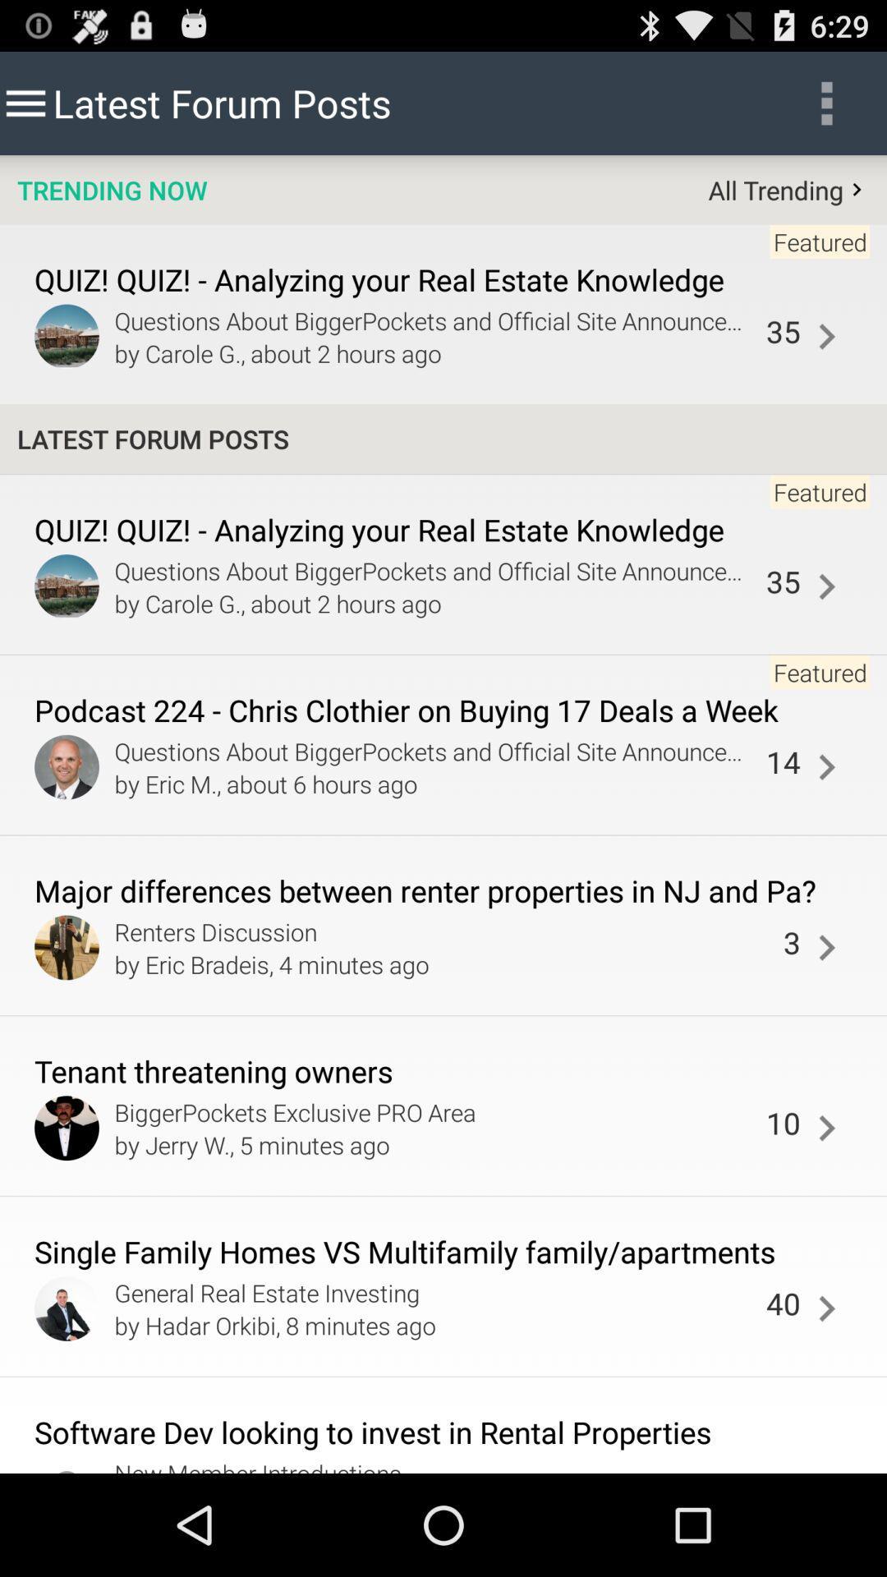 Image resolution: width=887 pixels, height=1577 pixels. What do you see at coordinates (826, 586) in the screenshot?
I see `the app below the quiz quiz analyzing item` at bounding box center [826, 586].